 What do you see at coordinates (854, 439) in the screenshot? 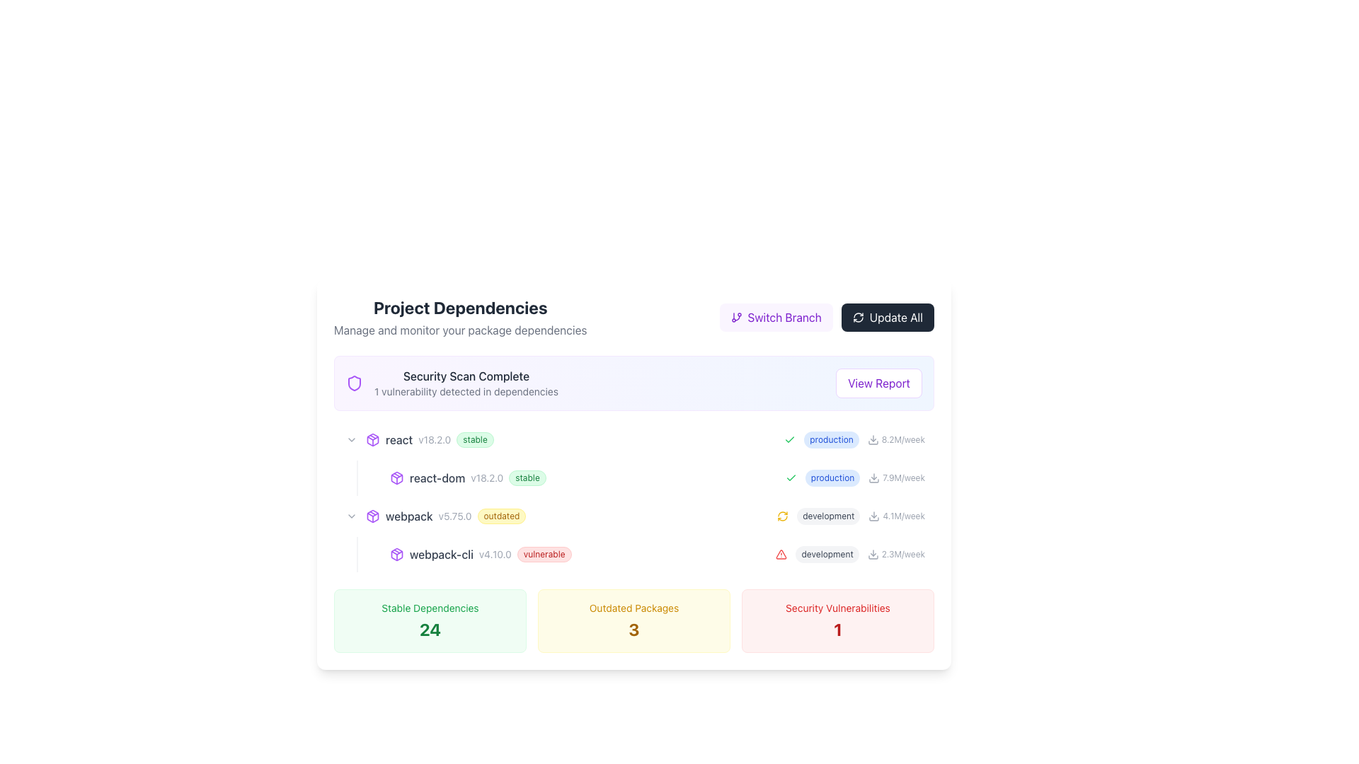
I see `the data values displayed in the 'production' label with a download icon and the '8.2M/week' text, which is part of the dependency details in the 'react' row` at bounding box center [854, 439].